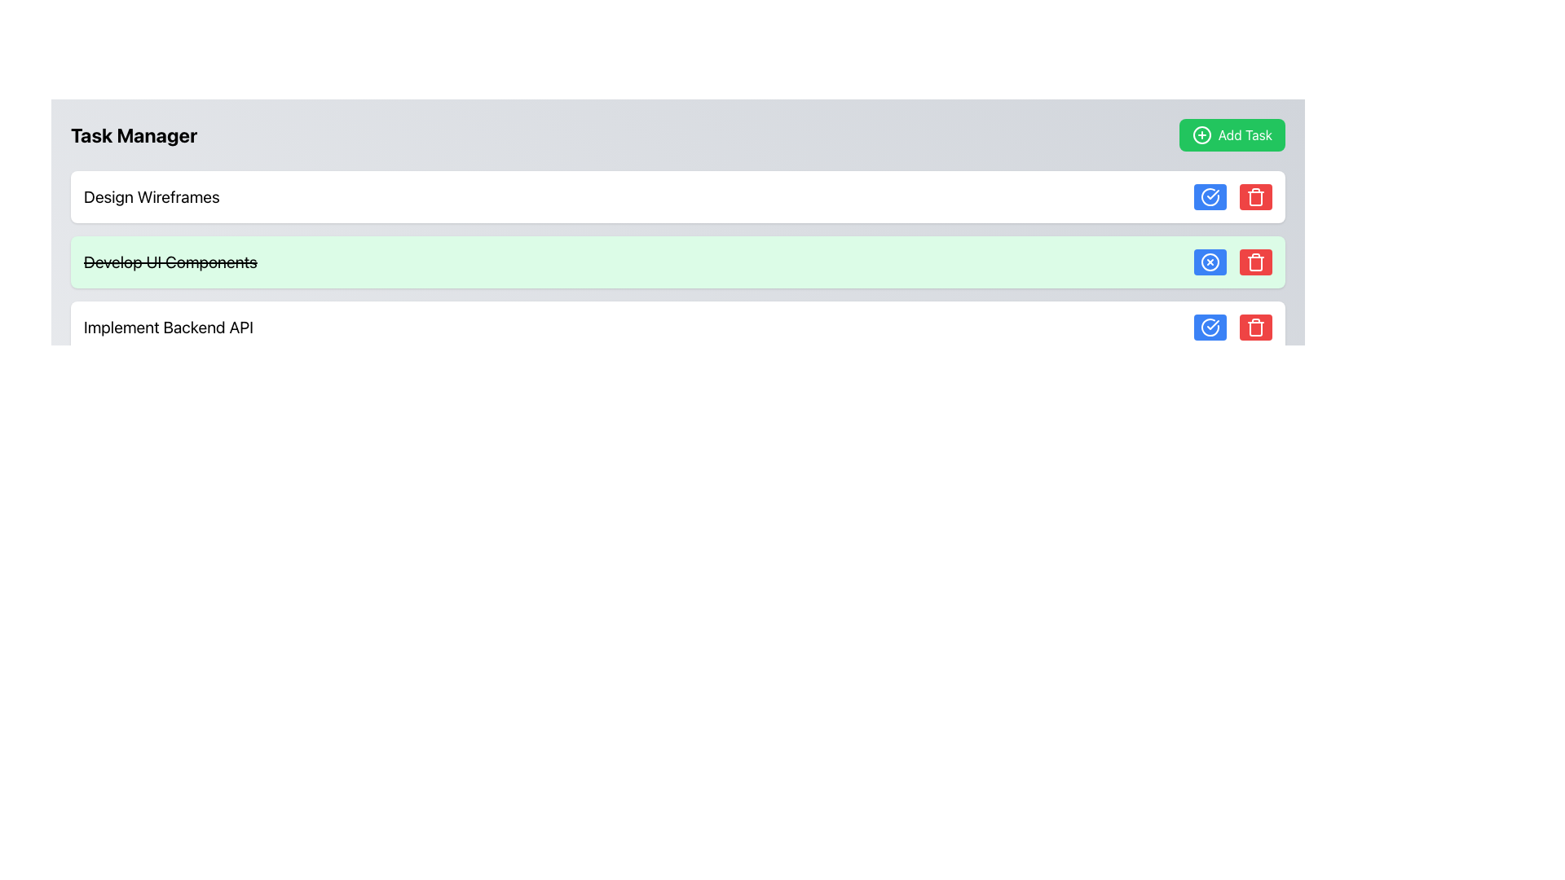 The height and width of the screenshot is (880, 1565). I want to click on the graphical icon associated with the 'Add Task' button located at the top-right corner of the interface above the task list, so click(1201, 134).